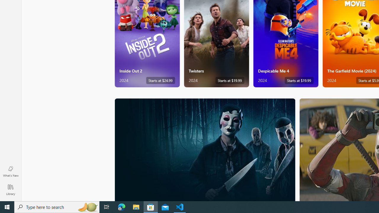 This screenshot has width=379, height=213. Describe the element at coordinates (205, 149) in the screenshot. I see `'Horror'` at that location.